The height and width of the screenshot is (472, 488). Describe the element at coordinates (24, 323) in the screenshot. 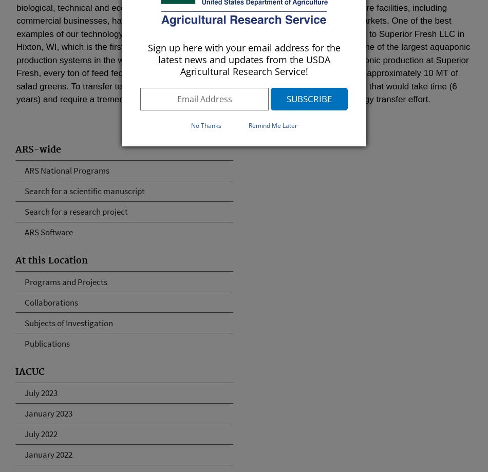

I see `'Subjects of Investigation'` at that location.